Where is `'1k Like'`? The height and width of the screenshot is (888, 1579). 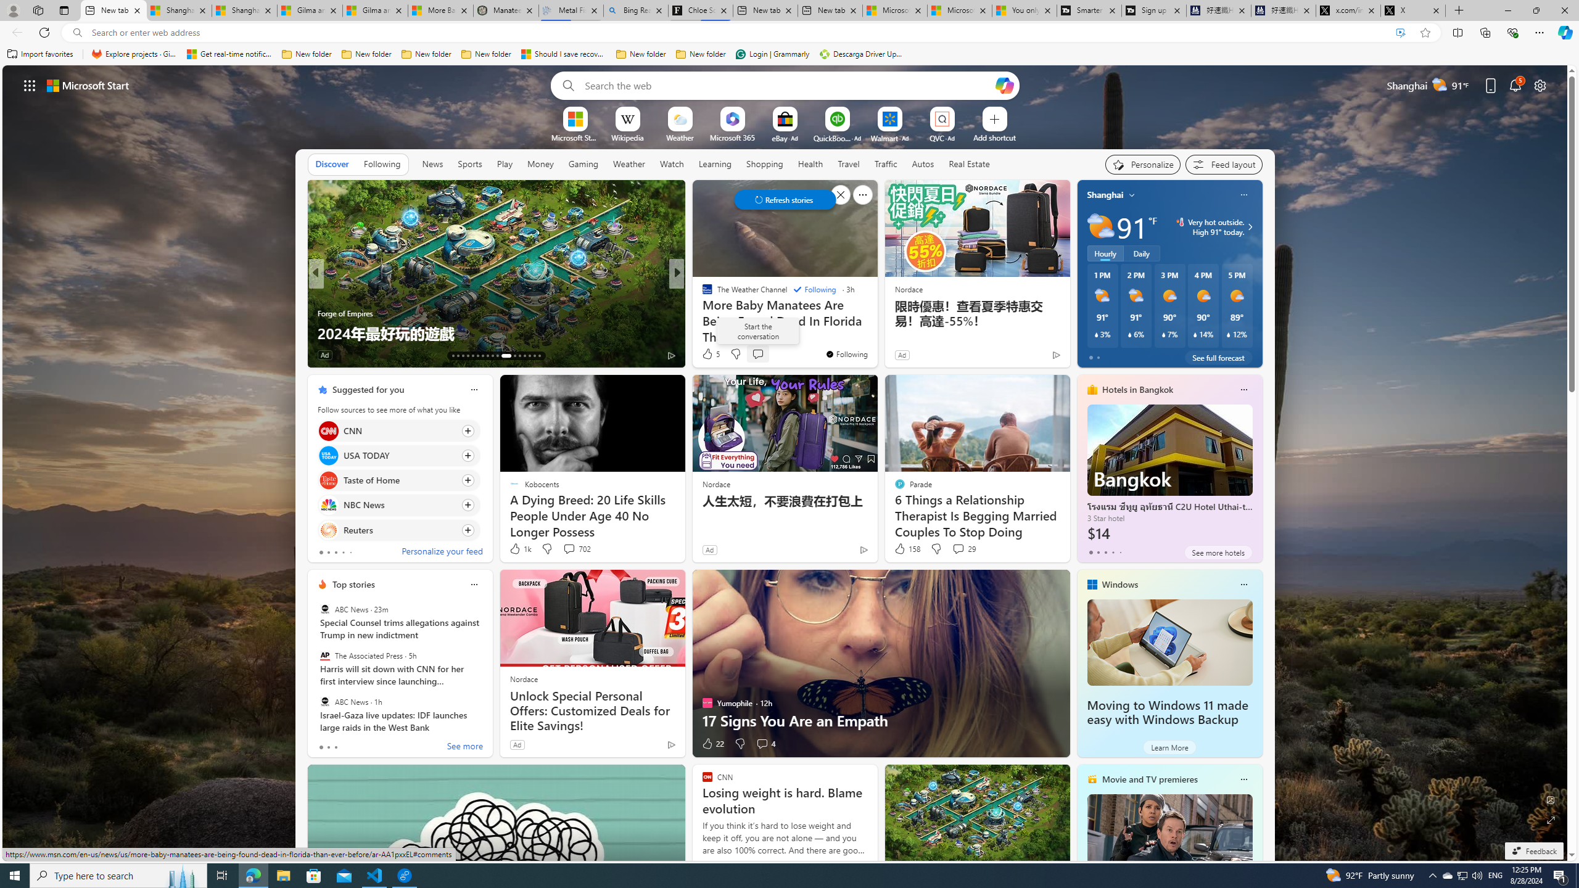
'1k Like' is located at coordinates (519, 548).